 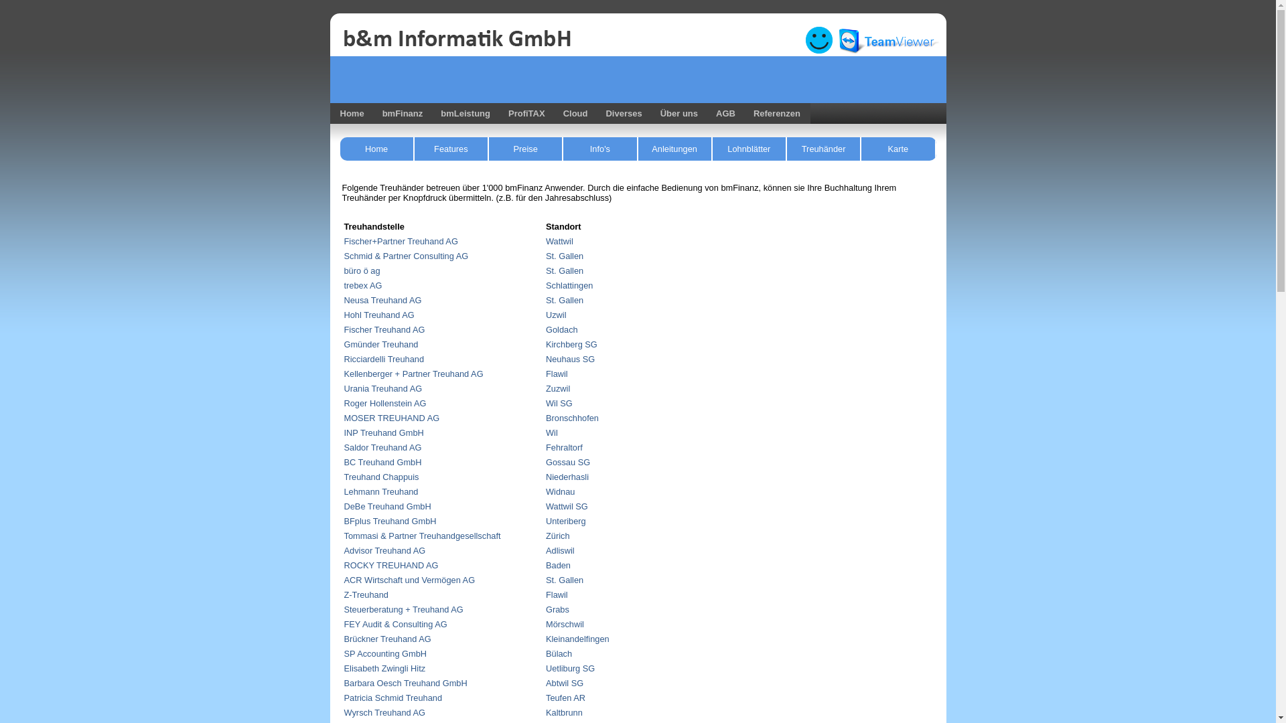 I want to click on 'Goldach', so click(x=562, y=329).